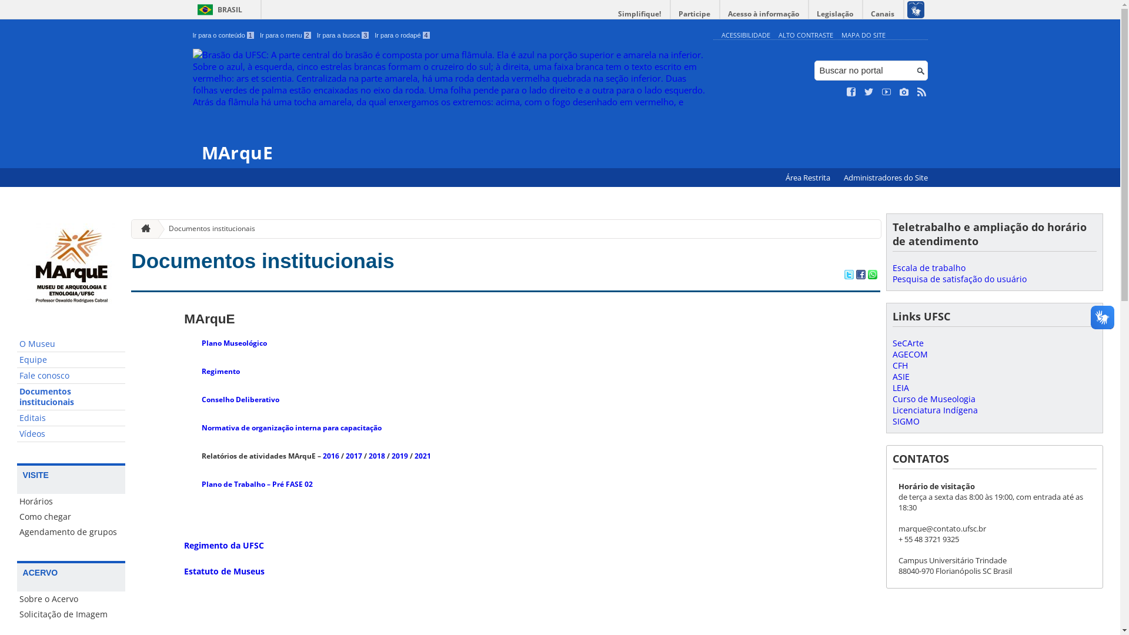  Describe the element at coordinates (805, 34) in the screenshot. I see `'ALTO CONTRASTE'` at that location.